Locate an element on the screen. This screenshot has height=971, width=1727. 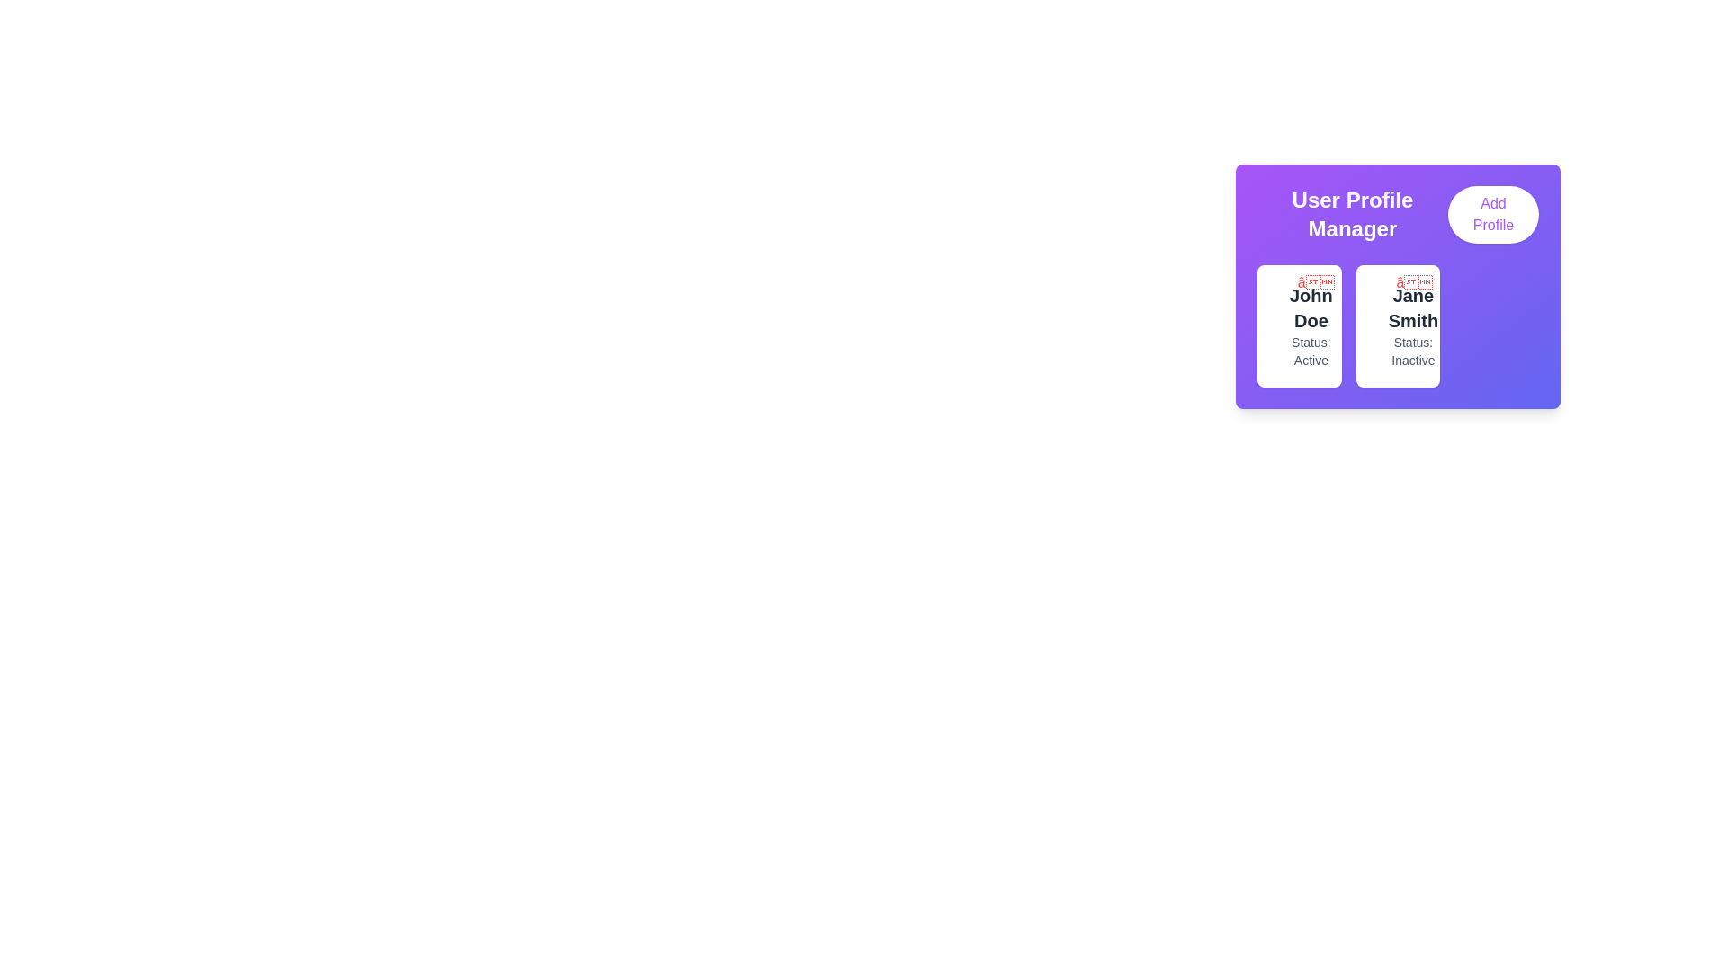
the profile card for 'Jane Smith', which is the second card in the grid, and set it as the focus element is located at coordinates (1397, 325).